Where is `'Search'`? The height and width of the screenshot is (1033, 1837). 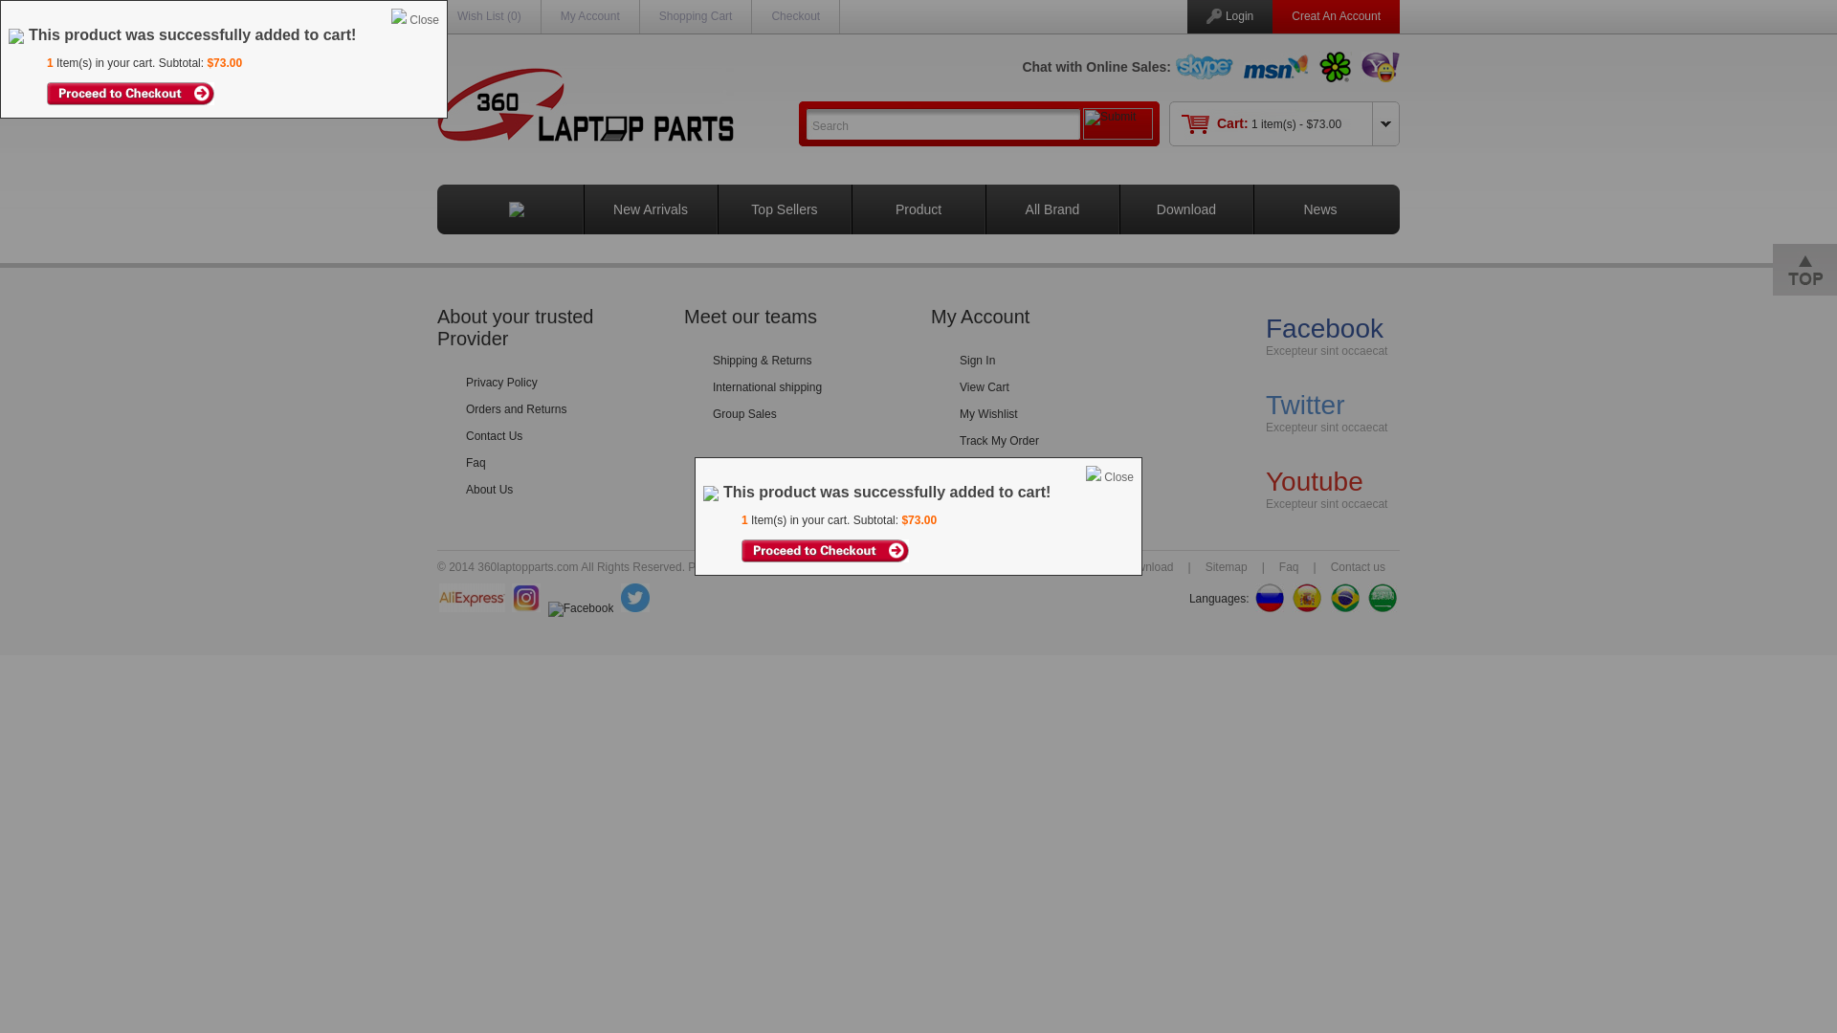 'Search' is located at coordinates (942, 123).